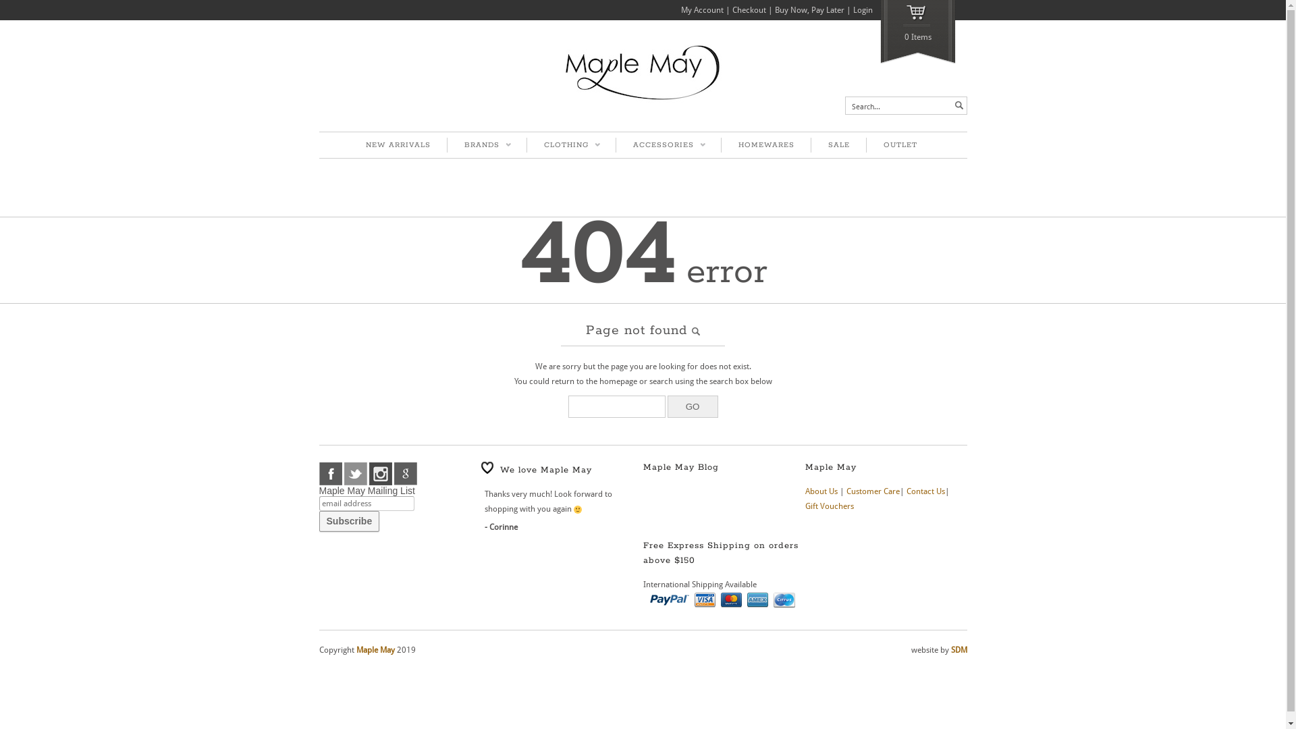 The height and width of the screenshot is (729, 1296). I want to click on 'twitter', so click(344, 473).